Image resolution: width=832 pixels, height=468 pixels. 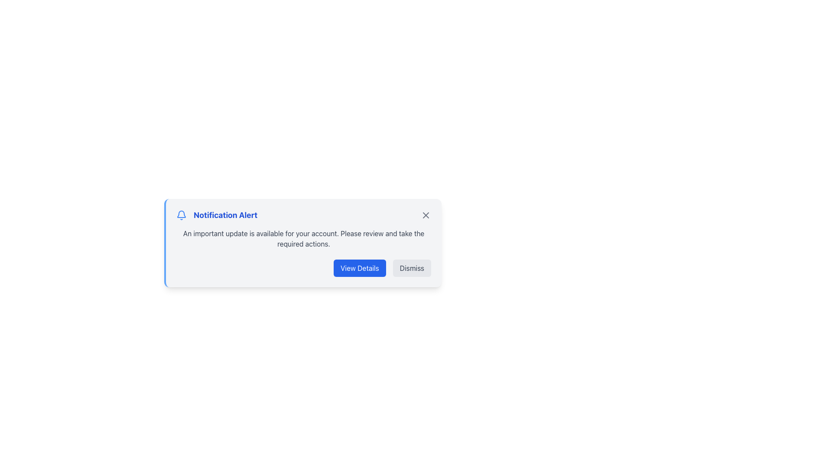 What do you see at coordinates (426, 215) in the screenshot?
I see `the close icon located in the top-right corner of the notification dialog box` at bounding box center [426, 215].